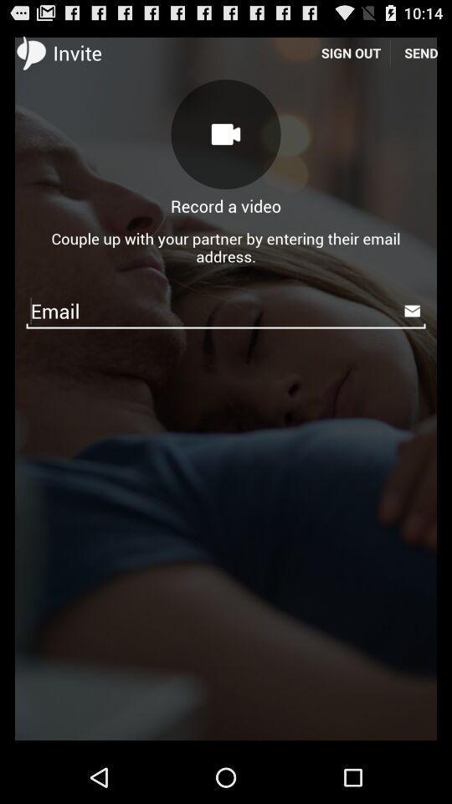 The image size is (452, 804). I want to click on icon next to sign out, so click(226, 133).